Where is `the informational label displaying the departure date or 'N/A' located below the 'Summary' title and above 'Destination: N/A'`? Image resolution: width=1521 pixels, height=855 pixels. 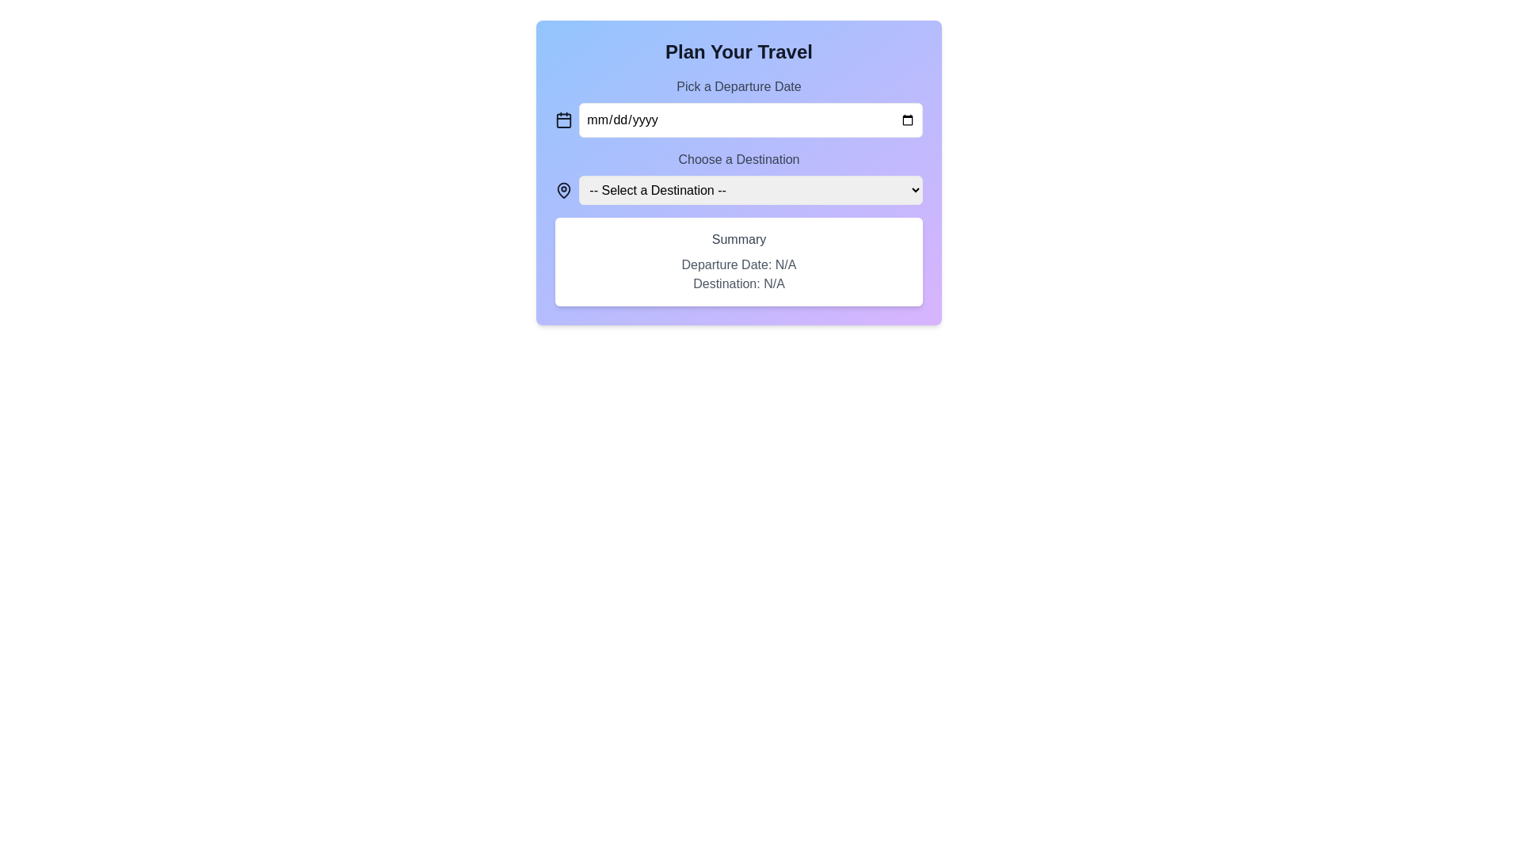
the informational label displaying the departure date or 'N/A' located below the 'Summary' title and above 'Destination: N/A' is located at coordinates (738, 264).